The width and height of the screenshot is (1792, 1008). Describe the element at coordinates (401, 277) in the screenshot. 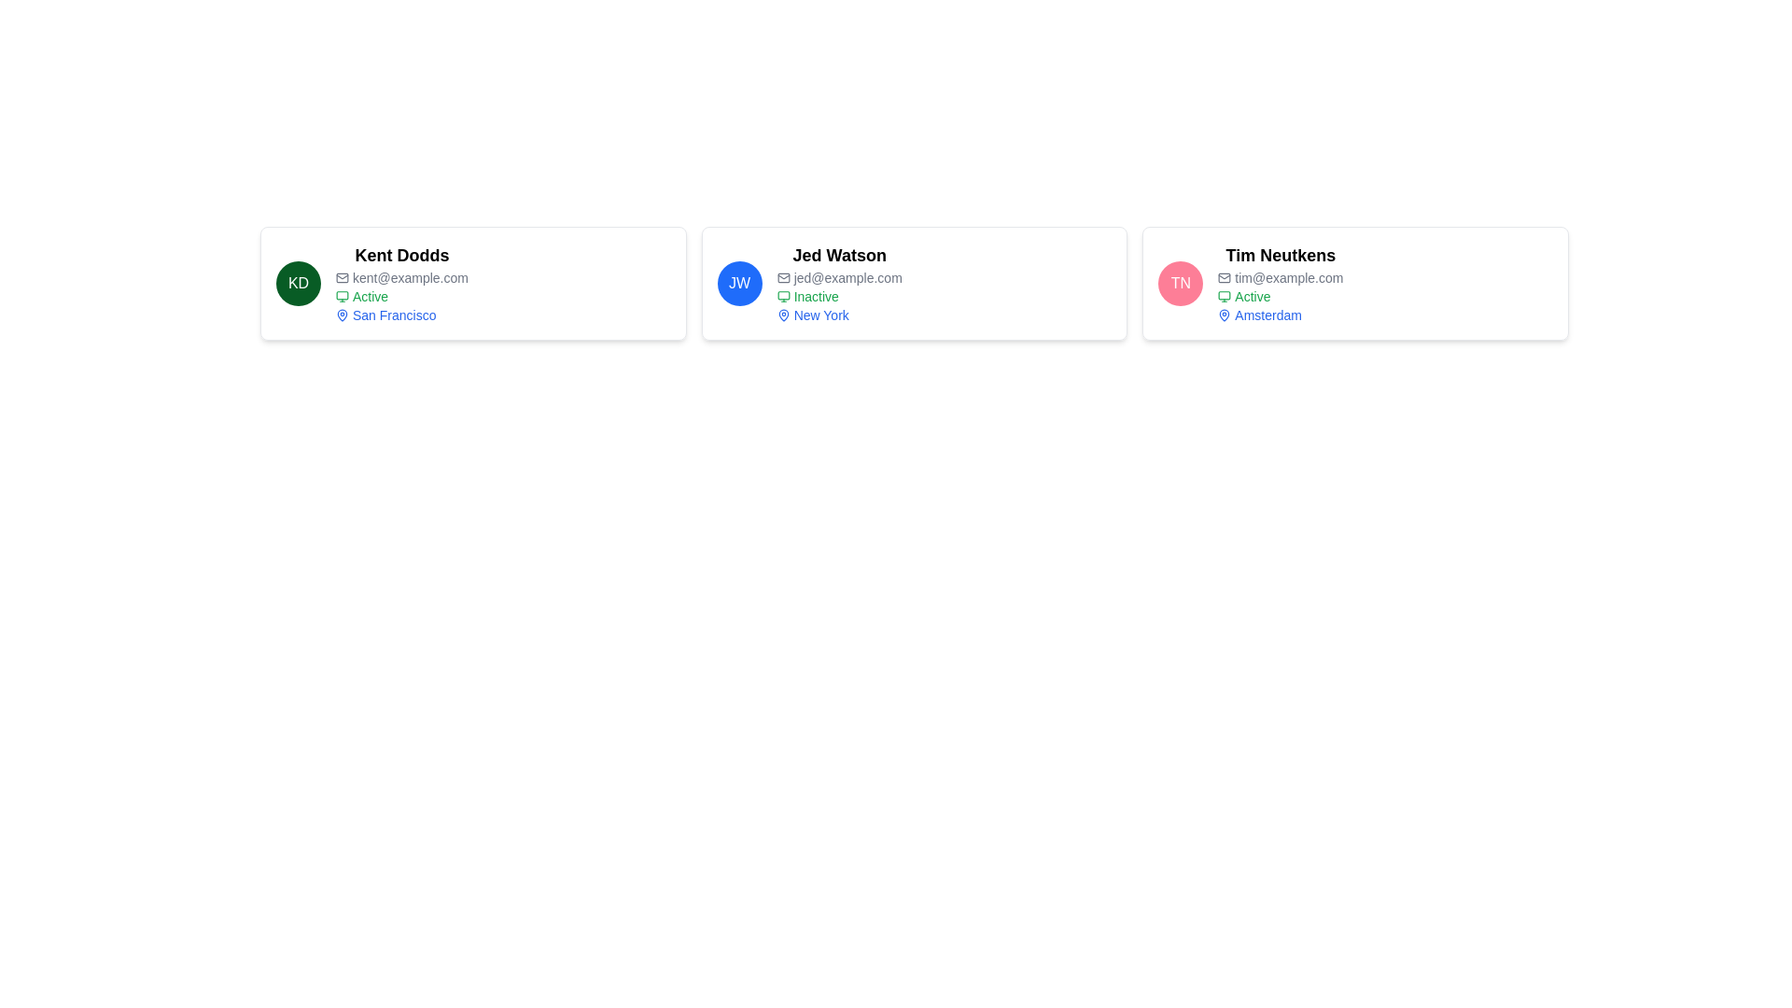

I see `the text label displaying the email address 'kent@example.com', which is styled in small, gray-colored text and is located beneath the name 'Kent Dodds' in the first card of the user interface` at that location.